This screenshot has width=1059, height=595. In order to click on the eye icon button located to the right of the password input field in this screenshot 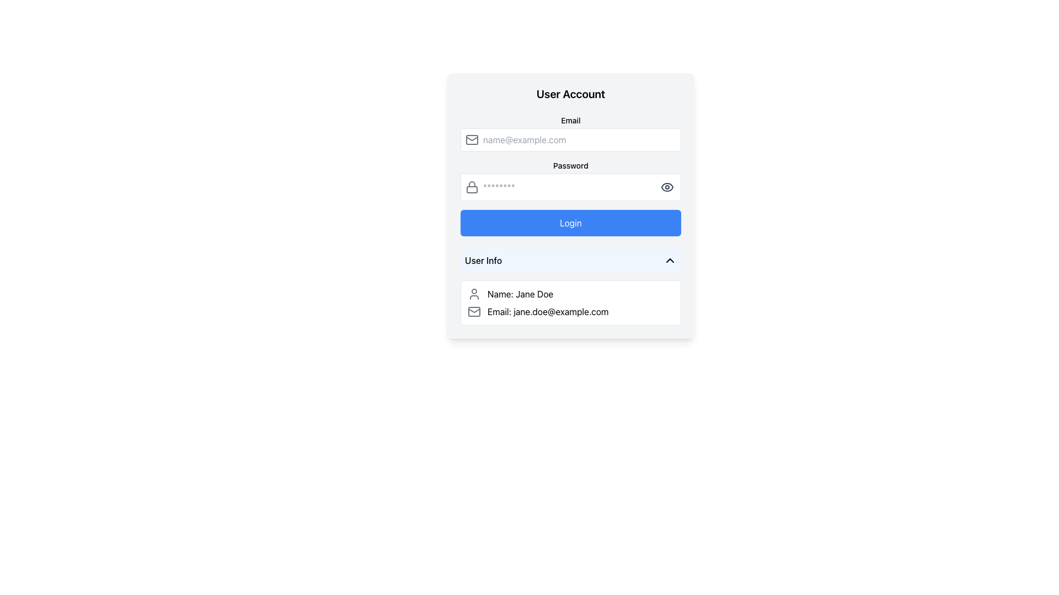, I will do `click(666, 186)`.